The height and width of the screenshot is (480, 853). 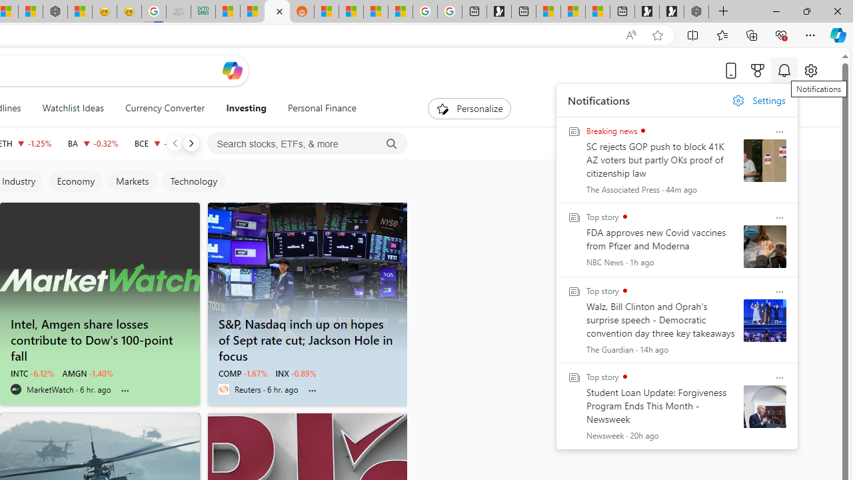 What do you see at coordinates (87, 373) in the screenshot?
I see `'AMGN -1.40%'` at bounding box center [87, 373].